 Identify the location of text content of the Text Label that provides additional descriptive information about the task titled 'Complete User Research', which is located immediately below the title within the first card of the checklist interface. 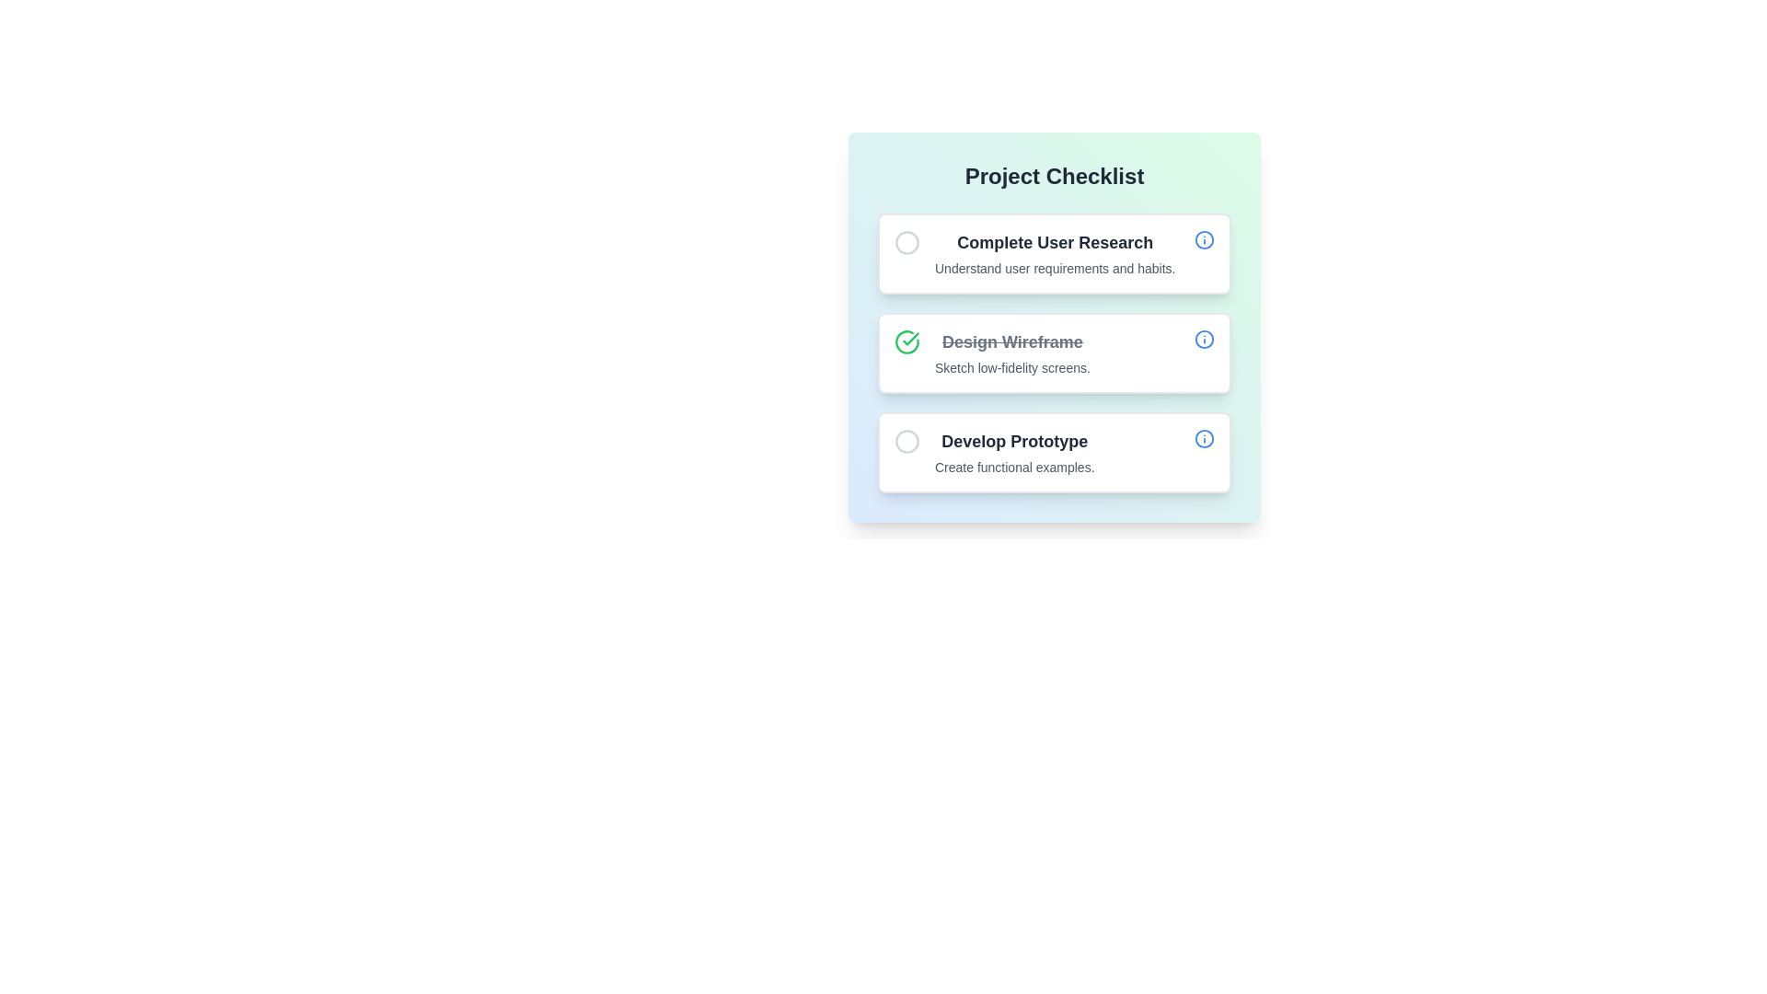
(1055, 269).